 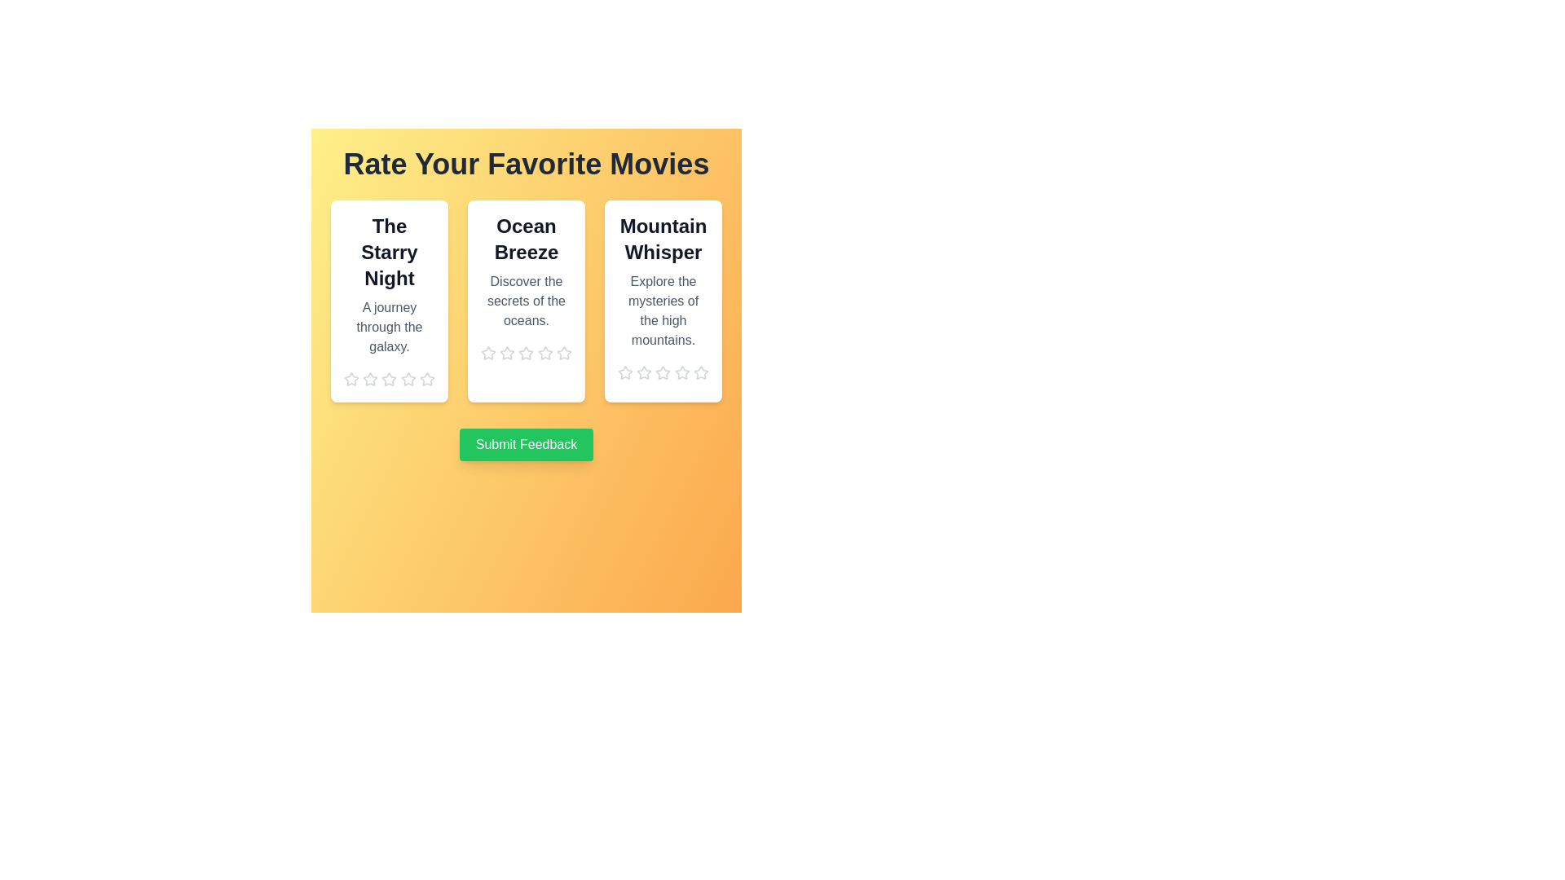 I want to click on 'Submit Feedback' button, so click(x=527, y=445).